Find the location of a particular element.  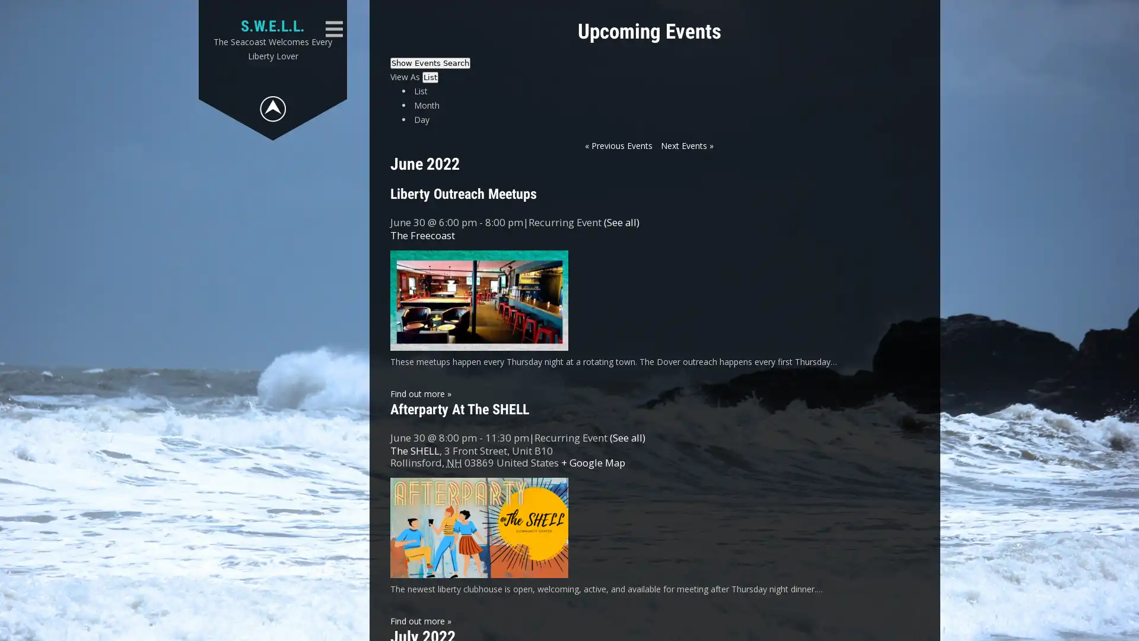

Submit Events search is located at coordinates (413, 104).